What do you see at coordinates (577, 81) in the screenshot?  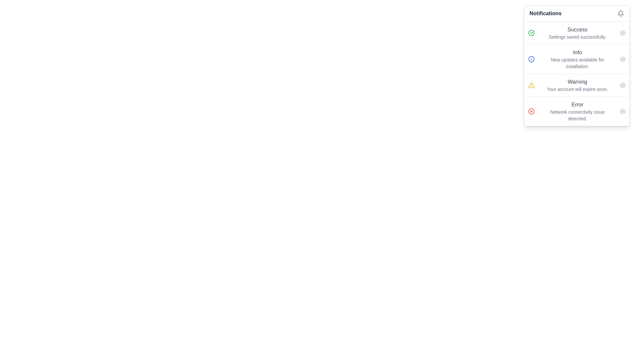 I see `the 'Warning' text label, which is styled in medium gray and bold, located in the right-hand notification panel above the text 'Your account will expire soon.'` at bounding box center [577, 81].